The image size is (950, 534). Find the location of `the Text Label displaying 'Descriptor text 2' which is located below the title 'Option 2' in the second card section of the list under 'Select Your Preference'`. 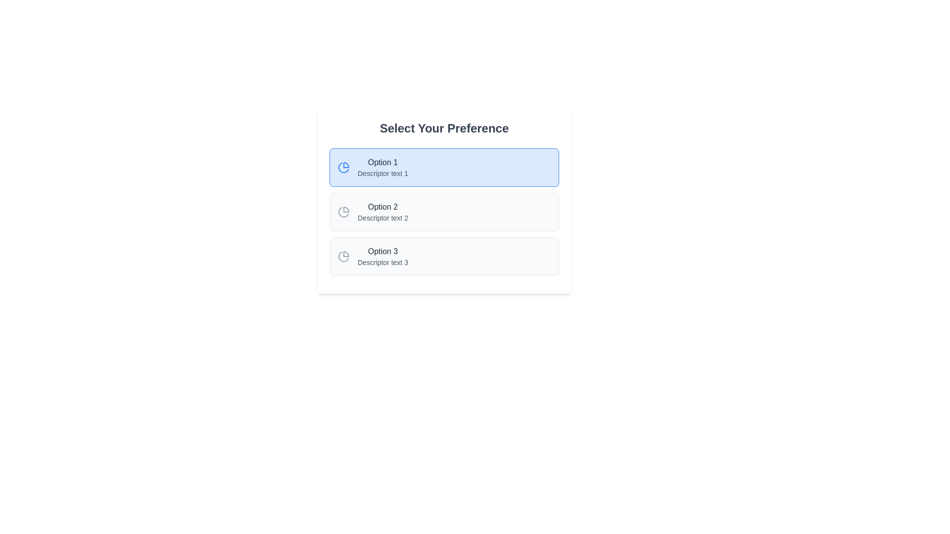

the Text Label displaying 'Descriptor text 2' which is located below the title 'Option 2' in the second card section of the list under 'Select Your Preference' is located at coordinates (382, 217).